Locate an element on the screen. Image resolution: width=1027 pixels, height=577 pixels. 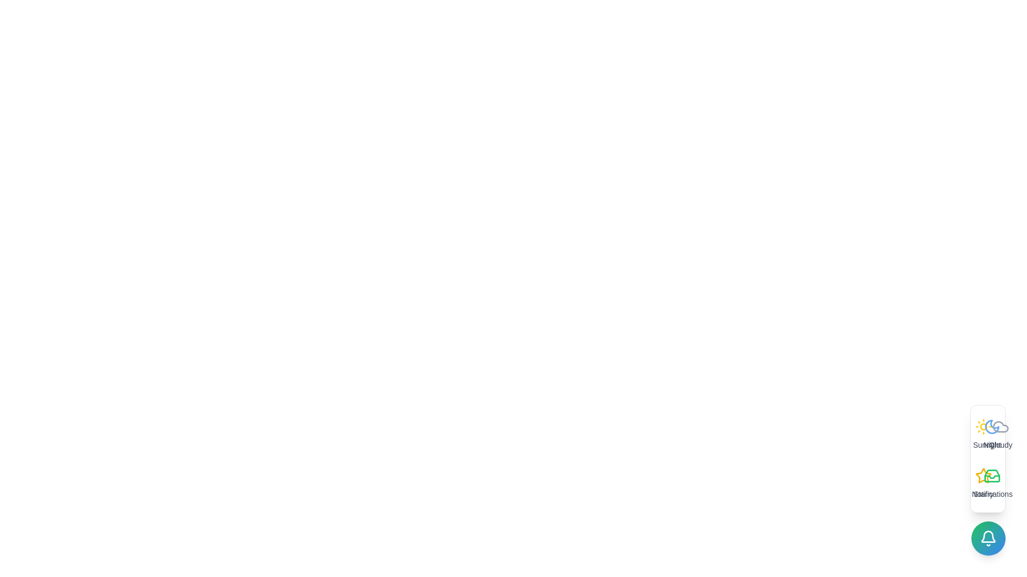
the option Sunny to trigger its hover effect is located at coordinates (983, 434).